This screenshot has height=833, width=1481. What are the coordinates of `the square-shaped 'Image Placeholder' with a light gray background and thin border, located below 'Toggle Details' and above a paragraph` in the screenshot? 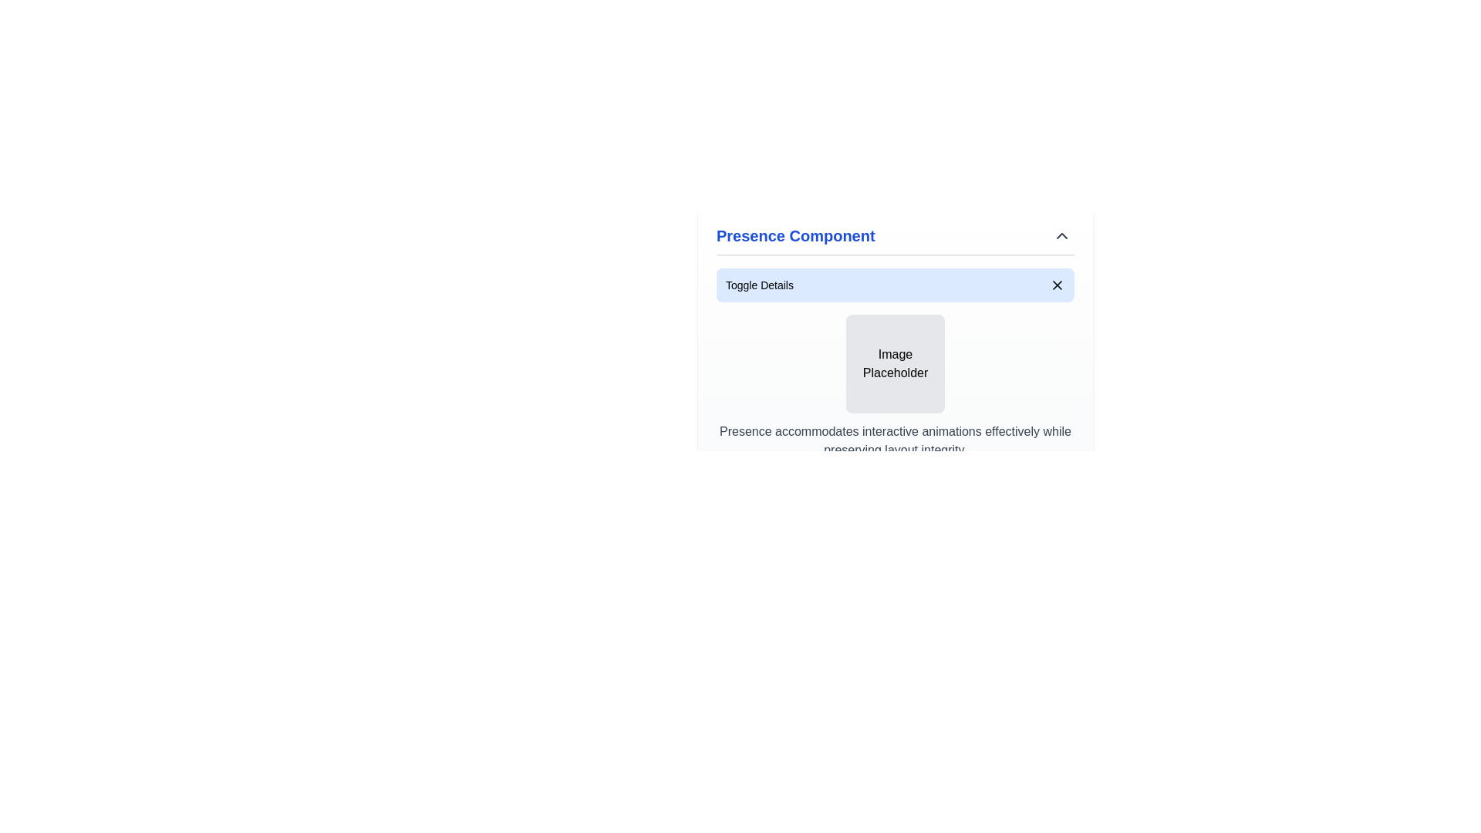 It's located at (896, 363).